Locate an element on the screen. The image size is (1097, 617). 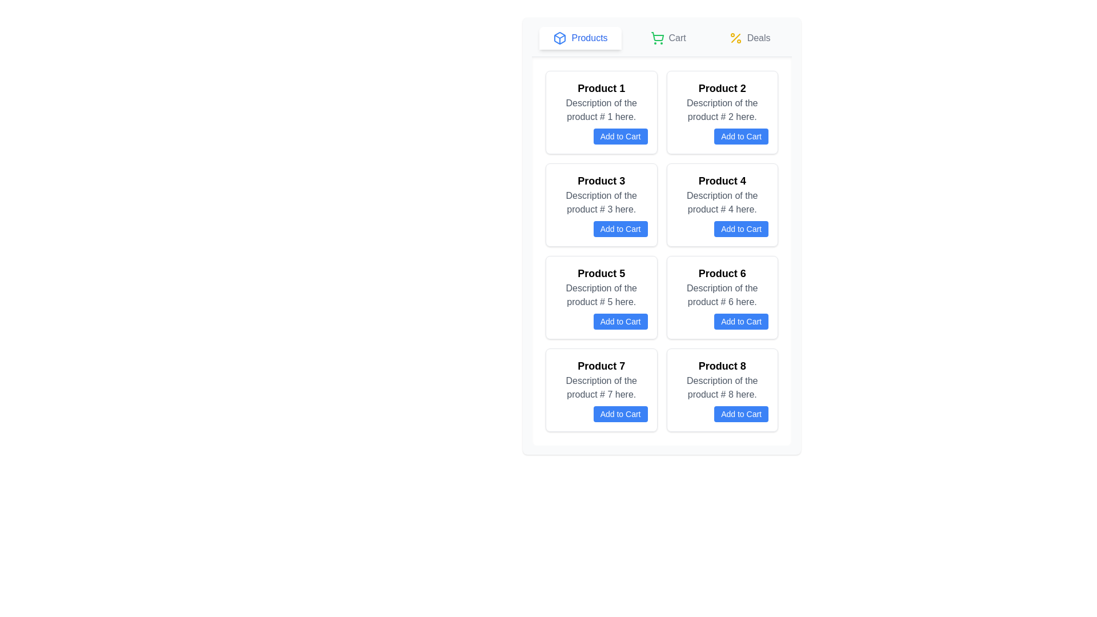
the 'Add to Cart' button with a blue background and white text located at the bottom-right part of the card for 'Product 6' is located at coordinates (722, 322).